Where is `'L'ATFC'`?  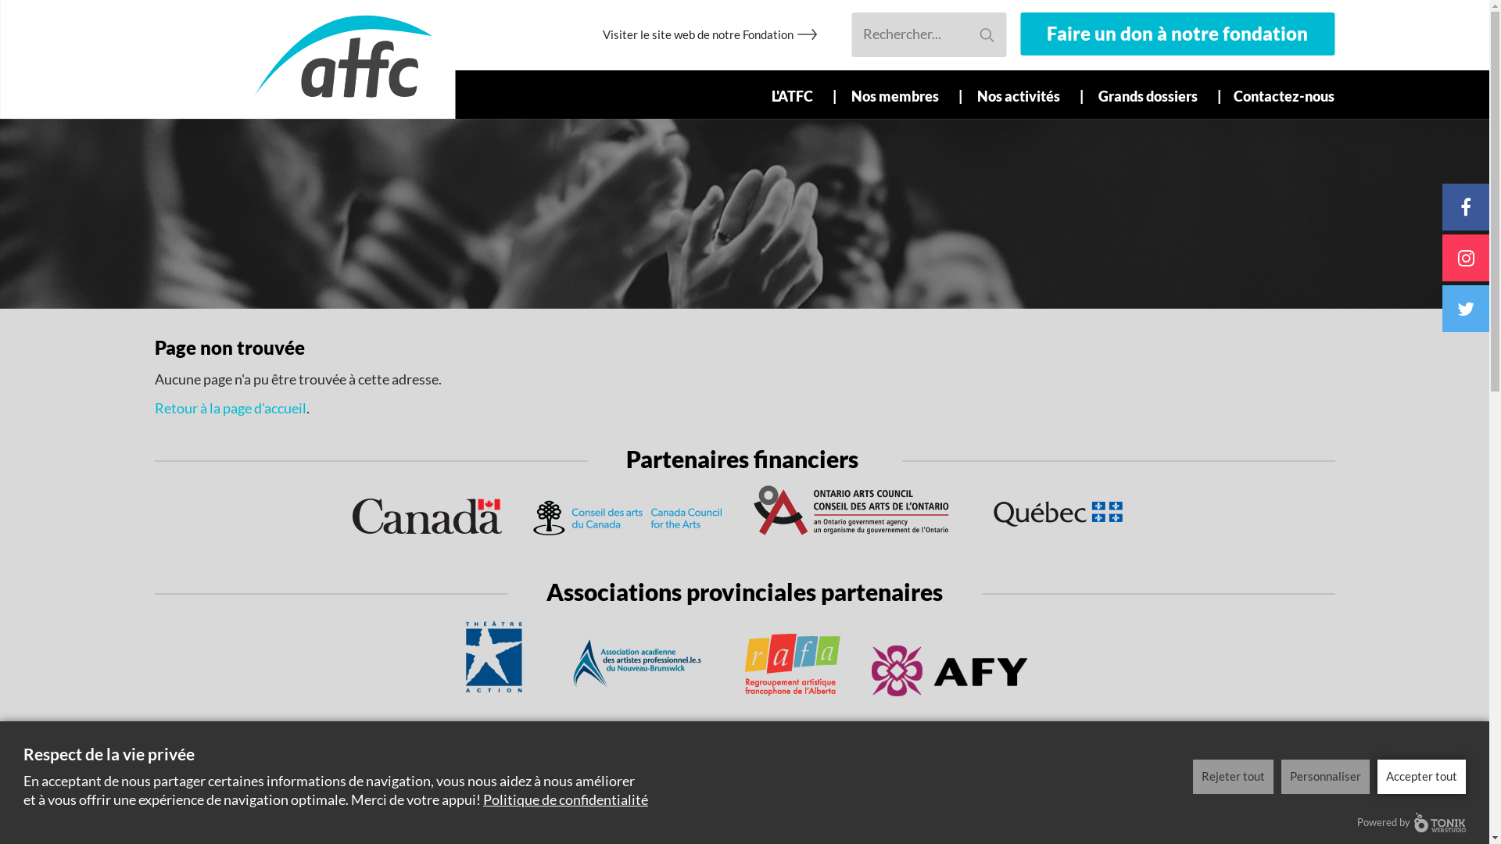
'L'ATFC' is located at coordinates (796, 94).